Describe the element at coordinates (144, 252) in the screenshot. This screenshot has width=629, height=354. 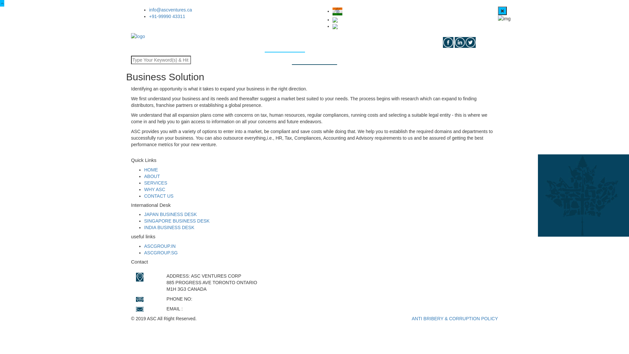
I see `'ASCGROUP.SG'` at that location.